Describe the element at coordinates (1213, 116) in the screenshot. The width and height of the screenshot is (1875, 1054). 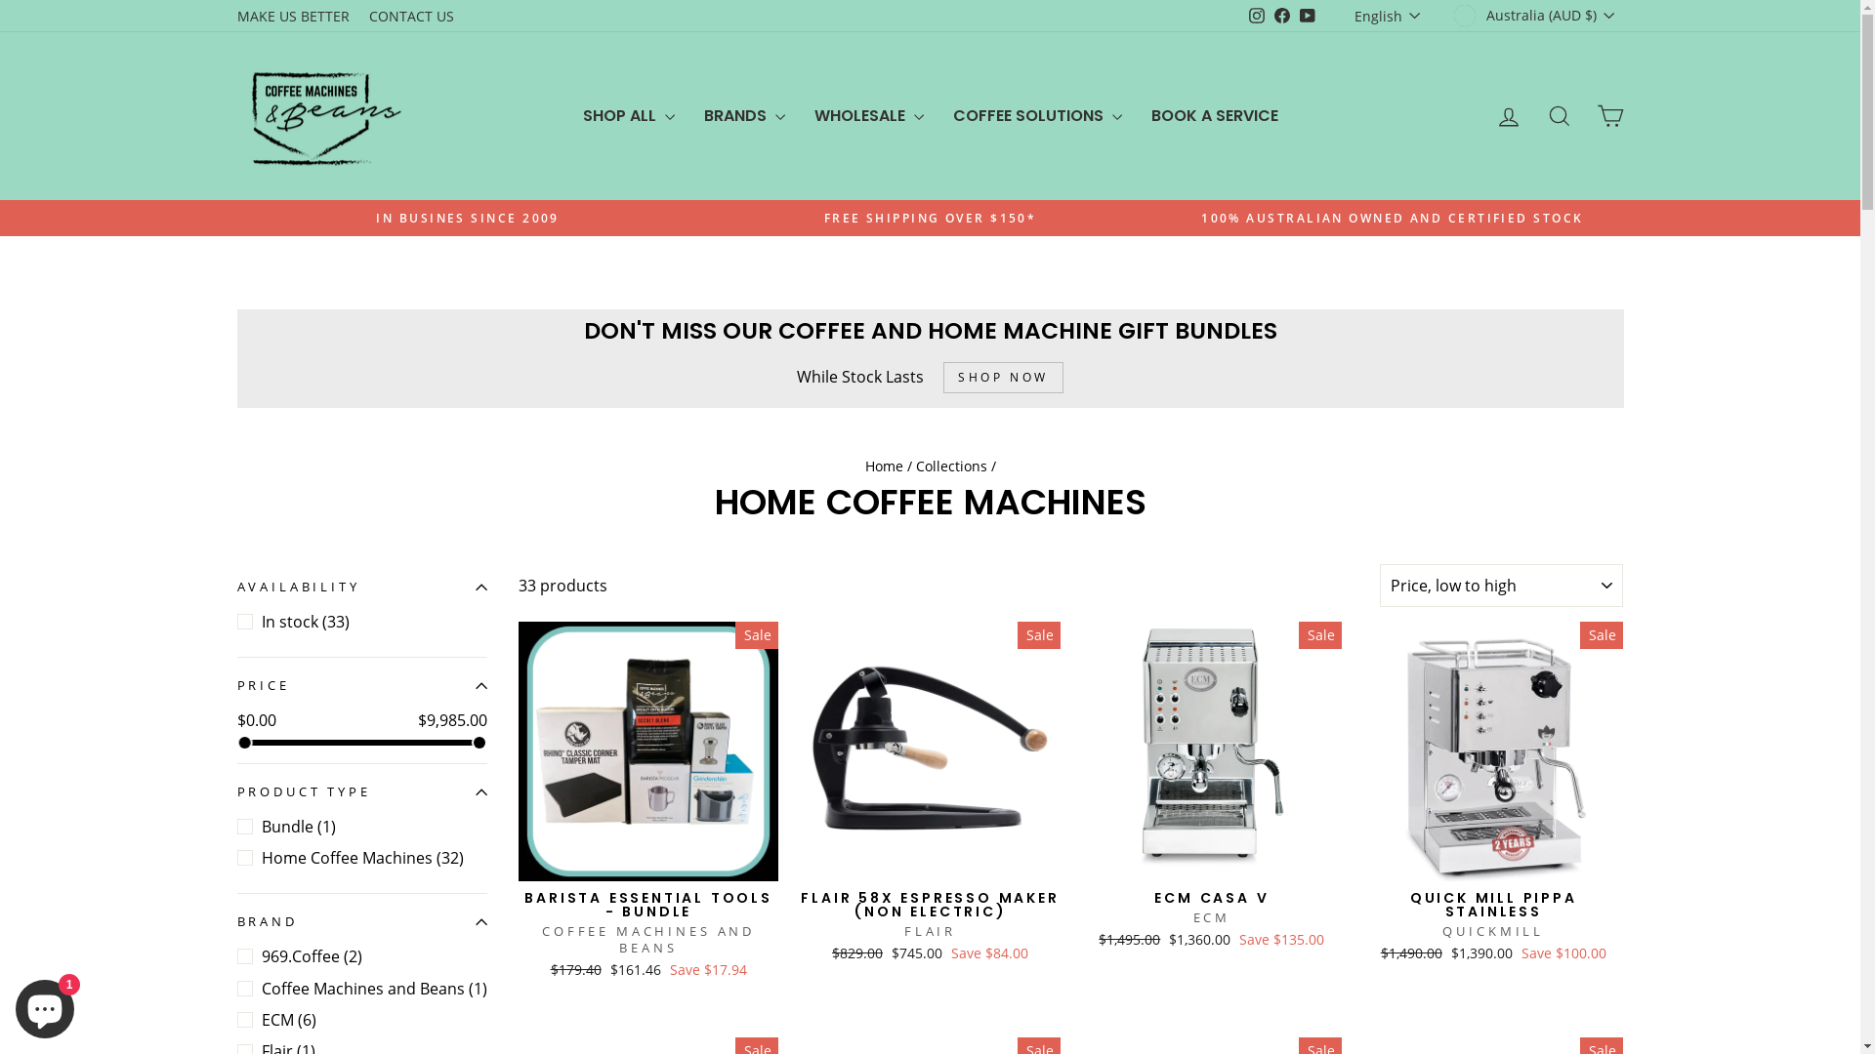
I see `'BOOK A SERVICE'` at that location.